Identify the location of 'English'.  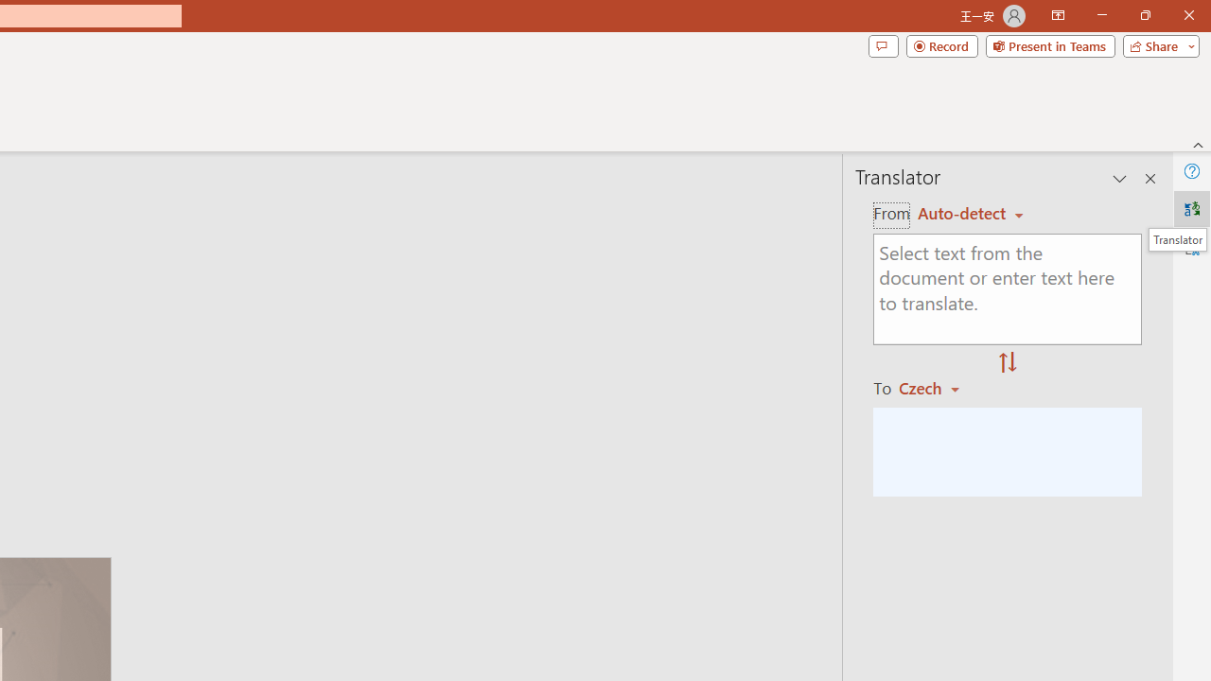
(970, 213).